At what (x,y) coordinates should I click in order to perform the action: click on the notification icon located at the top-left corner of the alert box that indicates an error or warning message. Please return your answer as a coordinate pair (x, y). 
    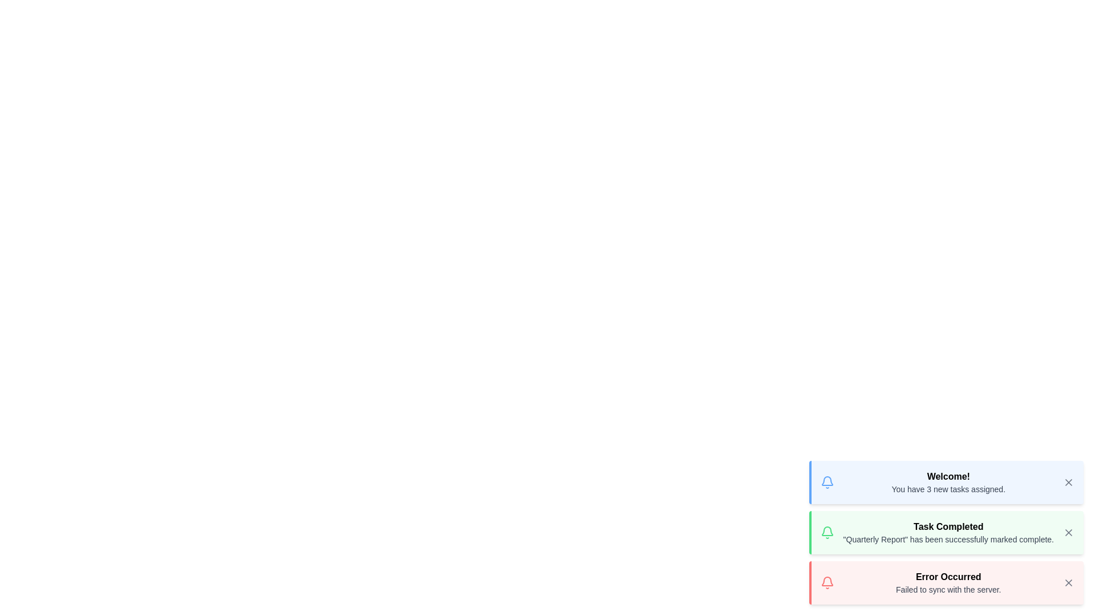
    Looking at the image, I should click on (827, 583).